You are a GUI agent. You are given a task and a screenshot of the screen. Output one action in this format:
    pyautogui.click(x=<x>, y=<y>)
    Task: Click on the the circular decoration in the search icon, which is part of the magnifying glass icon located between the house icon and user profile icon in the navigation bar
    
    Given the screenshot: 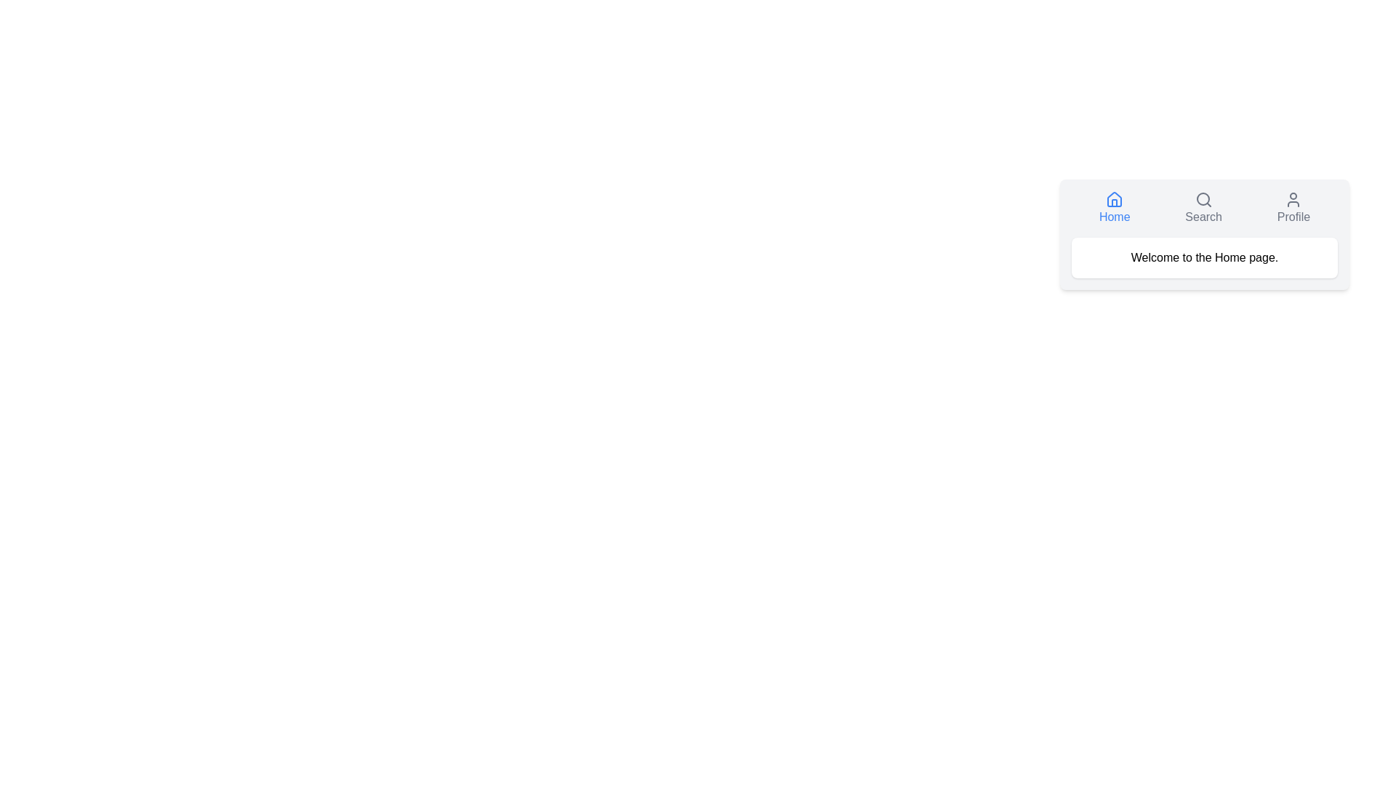 What is the action you would take?
    pyautogui.click(x=1203, y=198)
    